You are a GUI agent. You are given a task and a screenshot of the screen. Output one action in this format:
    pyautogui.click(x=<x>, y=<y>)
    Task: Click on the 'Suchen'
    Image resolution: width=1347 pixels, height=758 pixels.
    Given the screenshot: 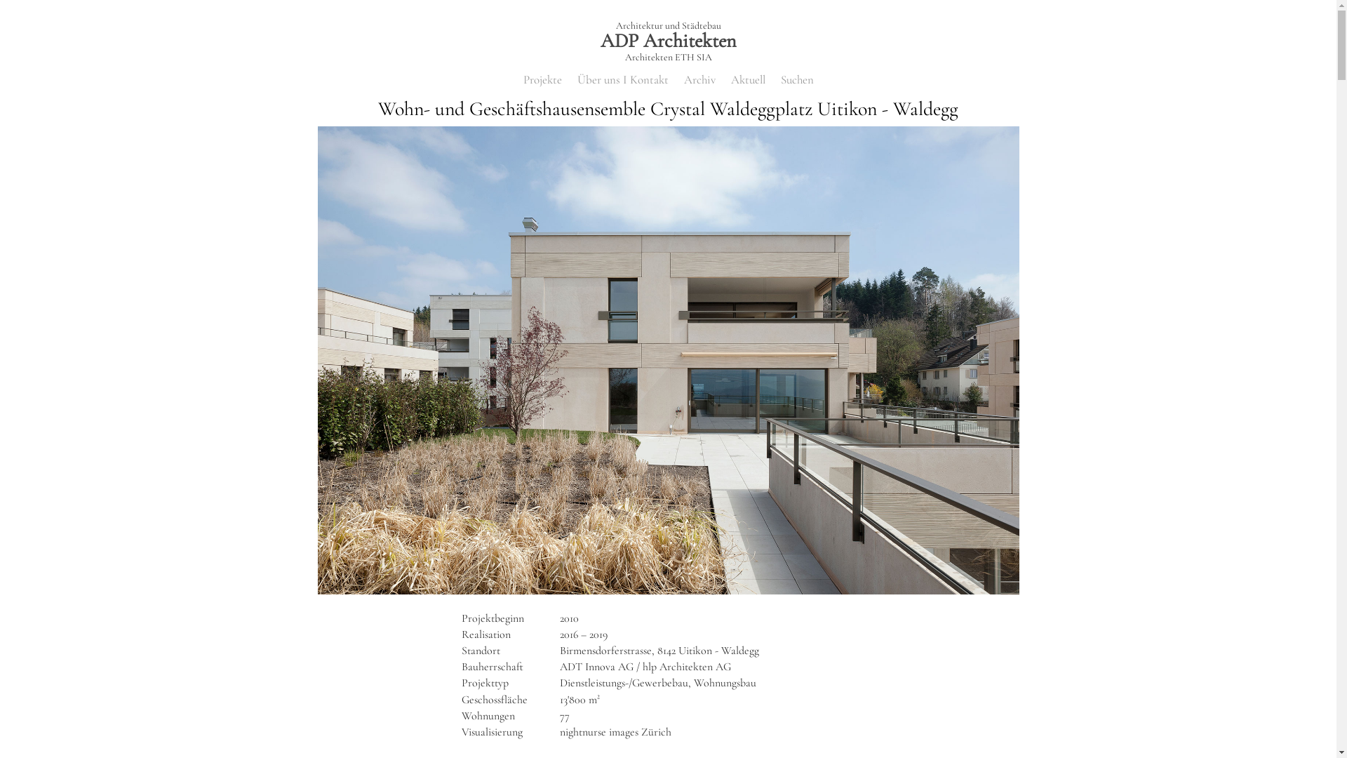 What is the action you would take?
    pyautogui.click(x=796, y=81)
    